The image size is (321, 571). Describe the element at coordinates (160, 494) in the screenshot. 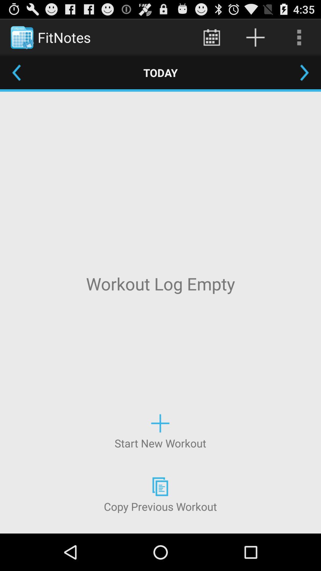

I see `icon below start new workout icon` at that location.